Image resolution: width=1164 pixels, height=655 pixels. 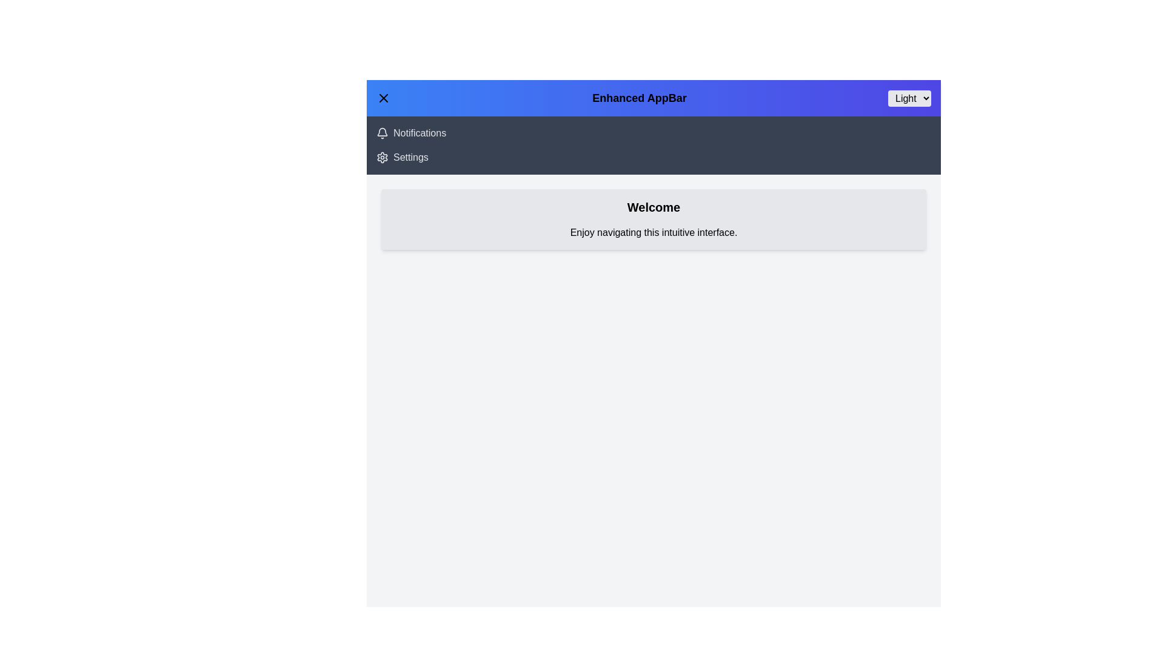 I want to click on the theme option Light from the dropdown menu, so click(x=909, y=98).